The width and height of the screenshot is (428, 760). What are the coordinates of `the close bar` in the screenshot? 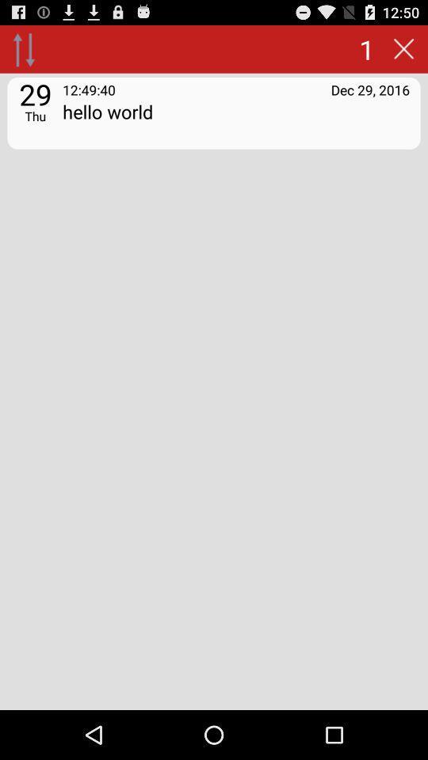 It's located at (403, 48).